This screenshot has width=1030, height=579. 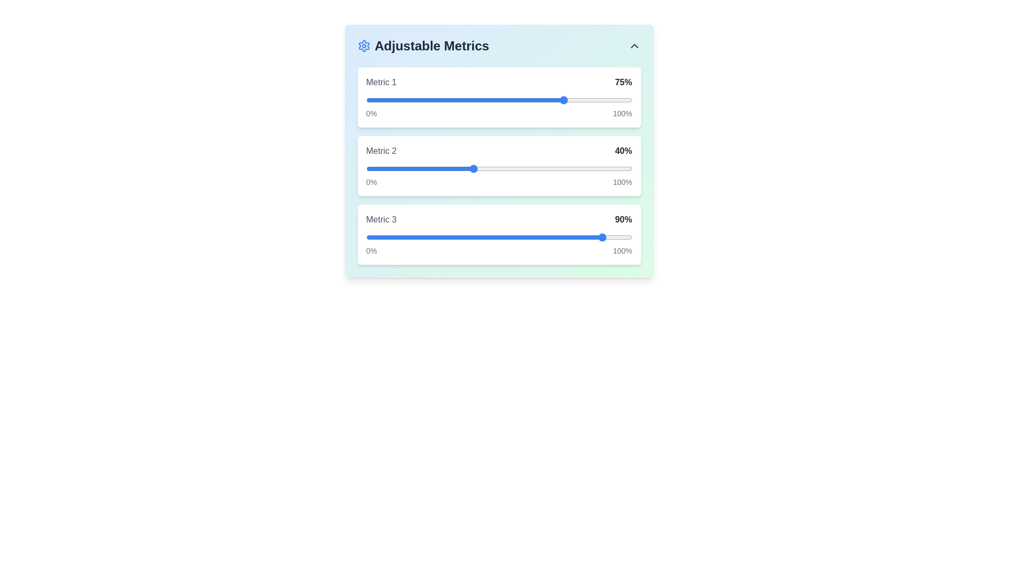 What do you see at coordinates (622, 114) in the screenshot?
I see `the static text label indicating the maximum possible value for the slider associated with 'Metric 1', located at the right end of the range indicator and adjacent to '0%'` at bounding box center [622, 114].